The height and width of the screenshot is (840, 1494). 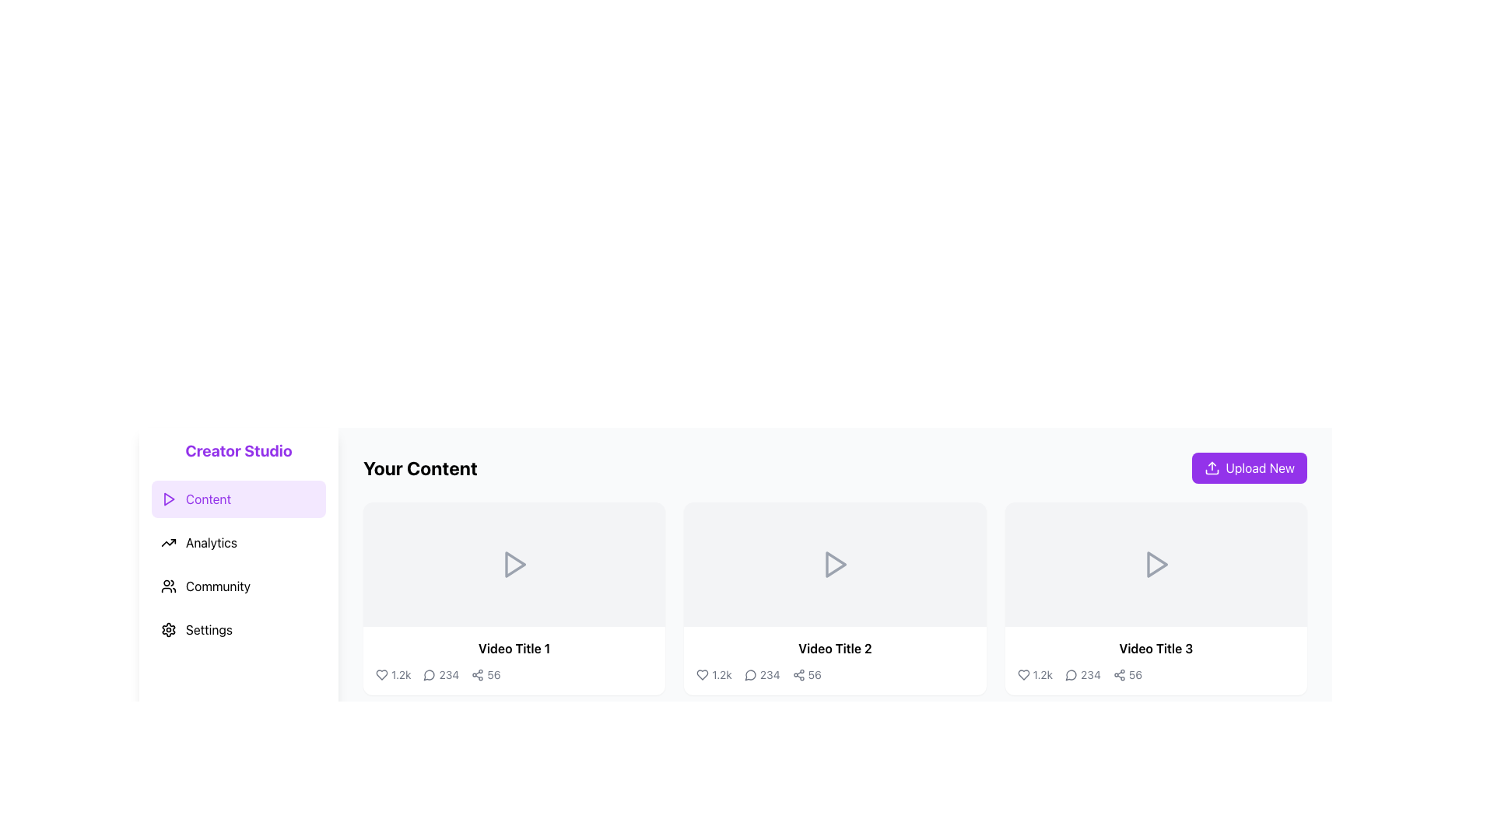 What do you see at coordinates (750, 674) in the screenshot?
I see `the comment icon located immediately to the left of the number '234' in the second video block under 'Video Title 2'` at bounding box center [750, 674].